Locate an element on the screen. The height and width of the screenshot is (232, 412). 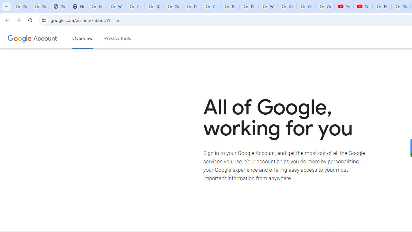
'Who is my administrator? - Google Account Help' is located at coordinates (116, 6).